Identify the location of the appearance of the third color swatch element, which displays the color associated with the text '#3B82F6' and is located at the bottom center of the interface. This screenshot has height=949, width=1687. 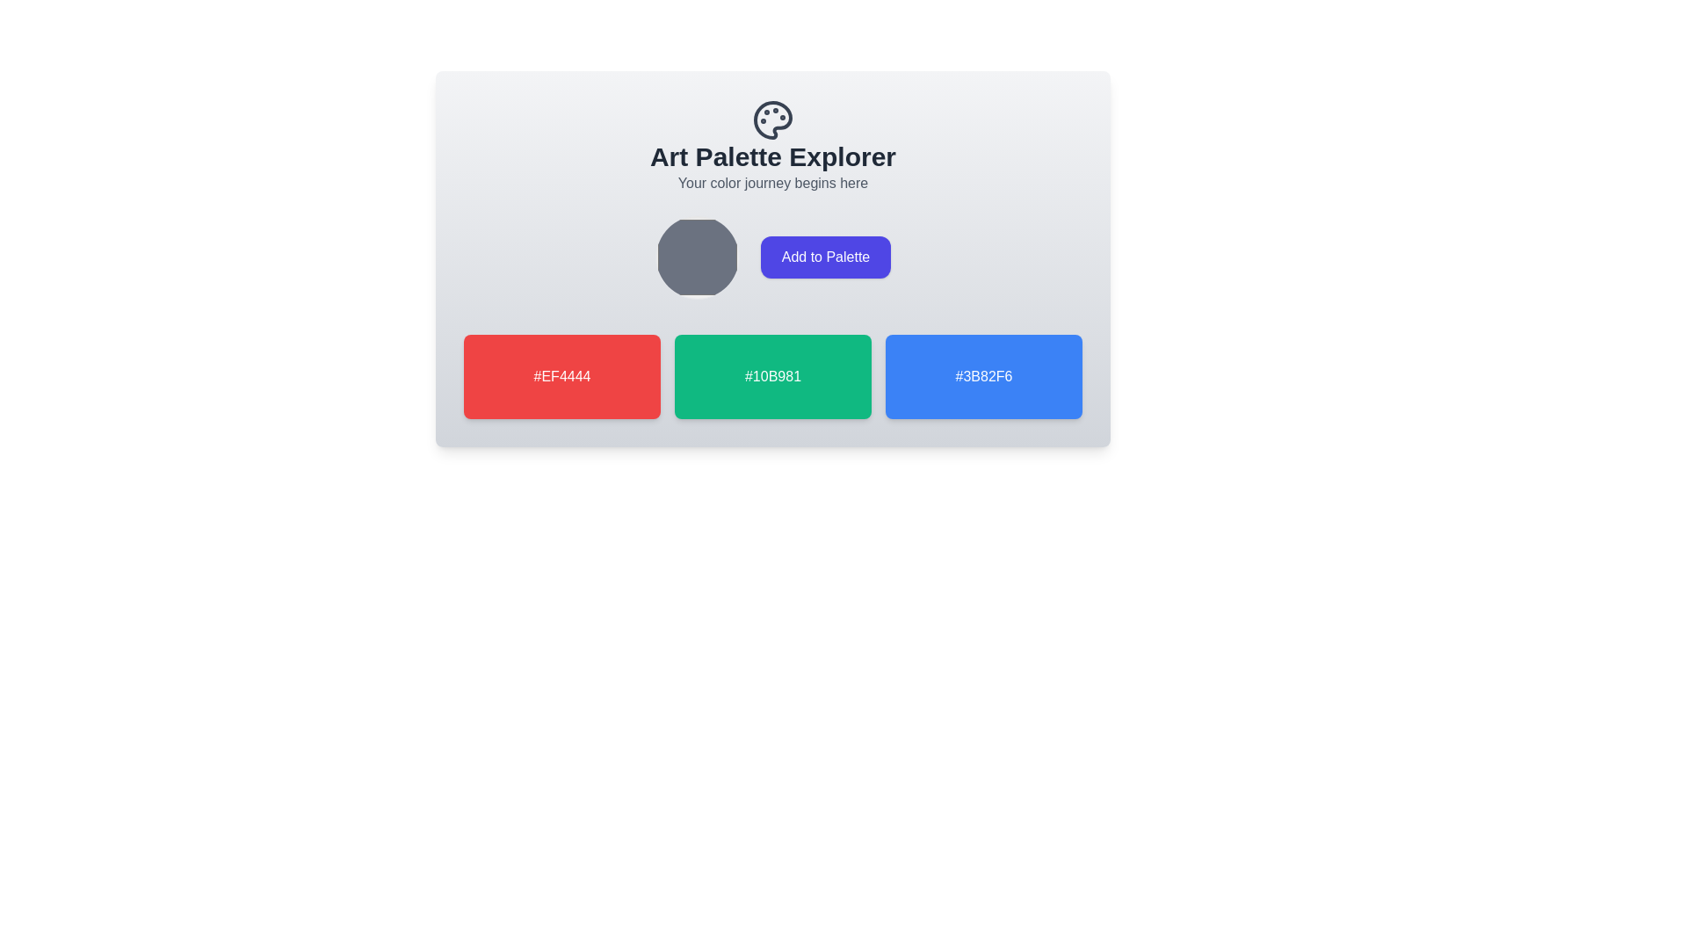
(982, 375).